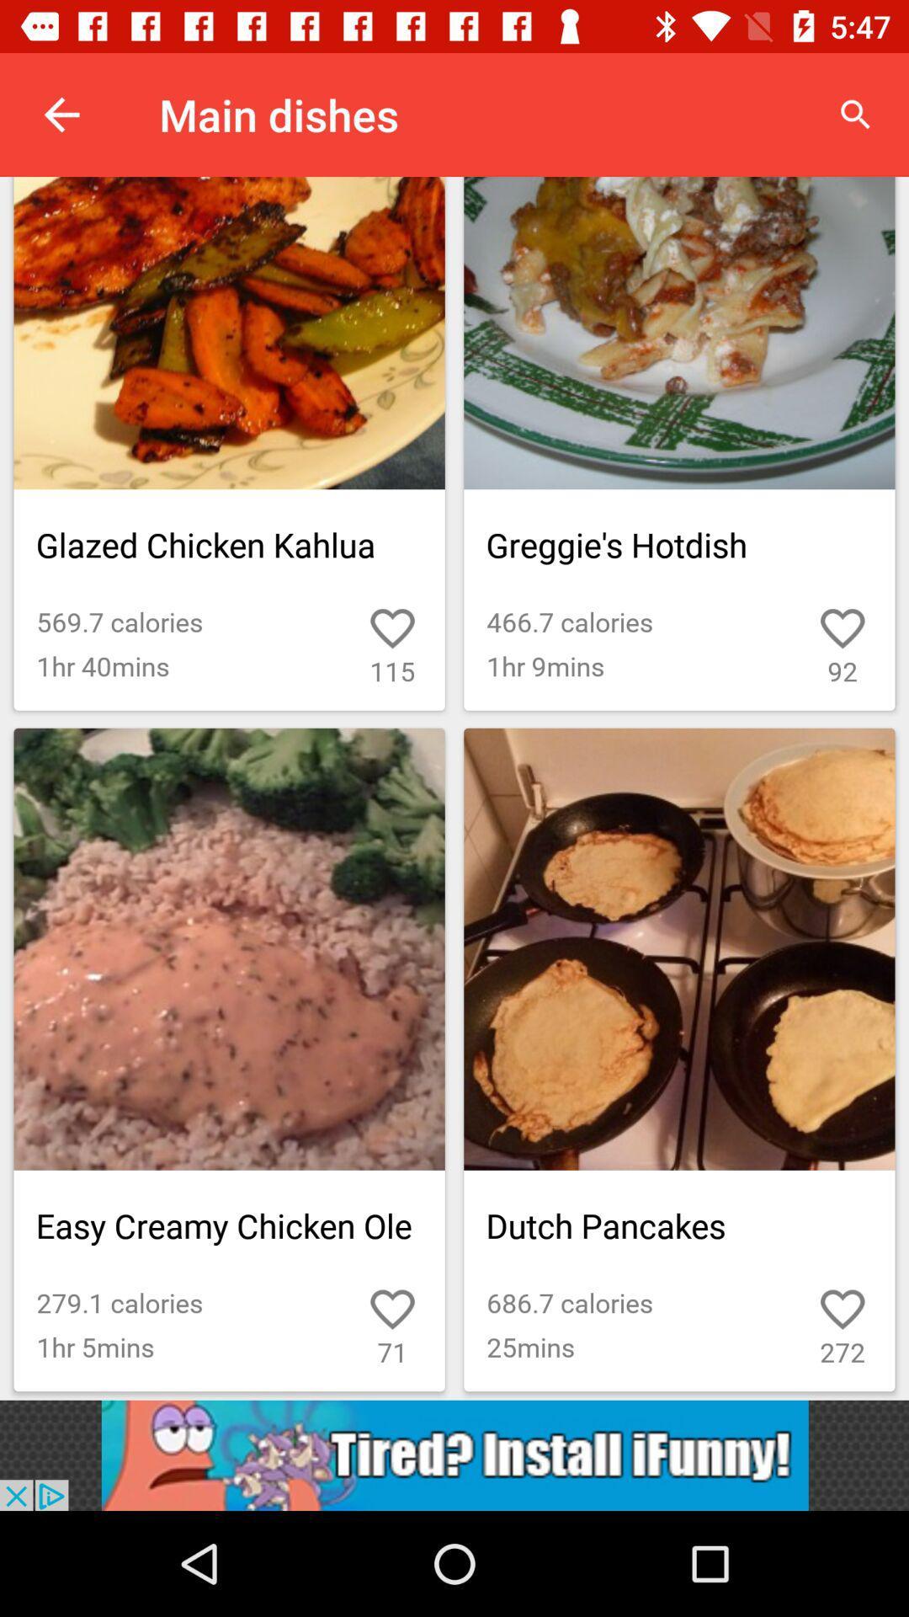 The width and height of the screenshot is (909, 1617). Describe the element at coordinates (230, 1059) in the screenshot. I see `image which is at bottom left corner` at that location.